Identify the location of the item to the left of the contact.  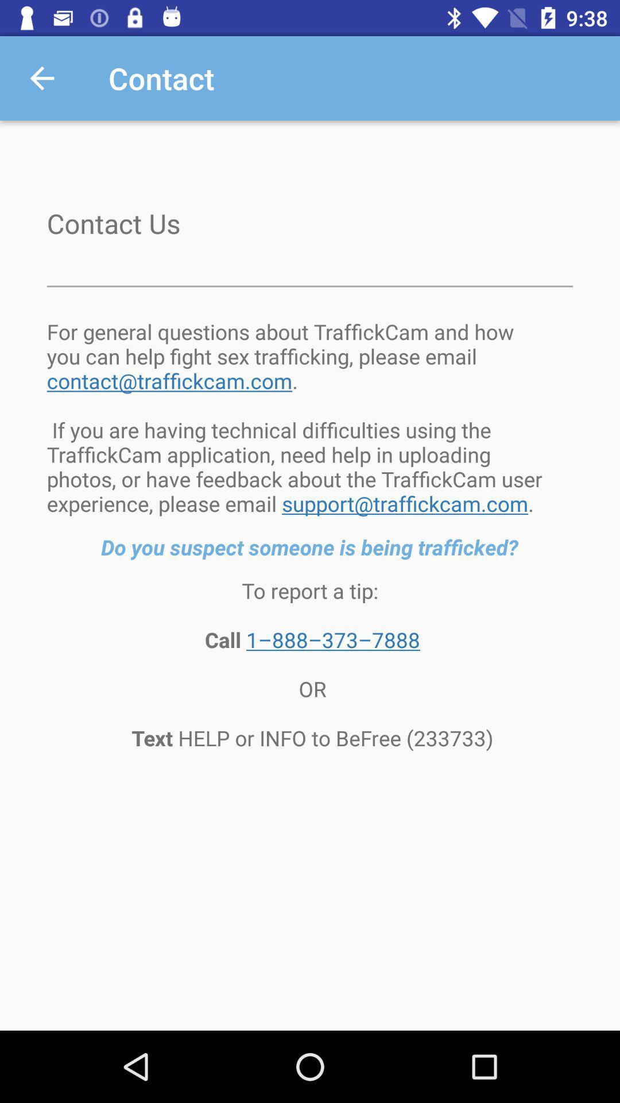
(41, 78).